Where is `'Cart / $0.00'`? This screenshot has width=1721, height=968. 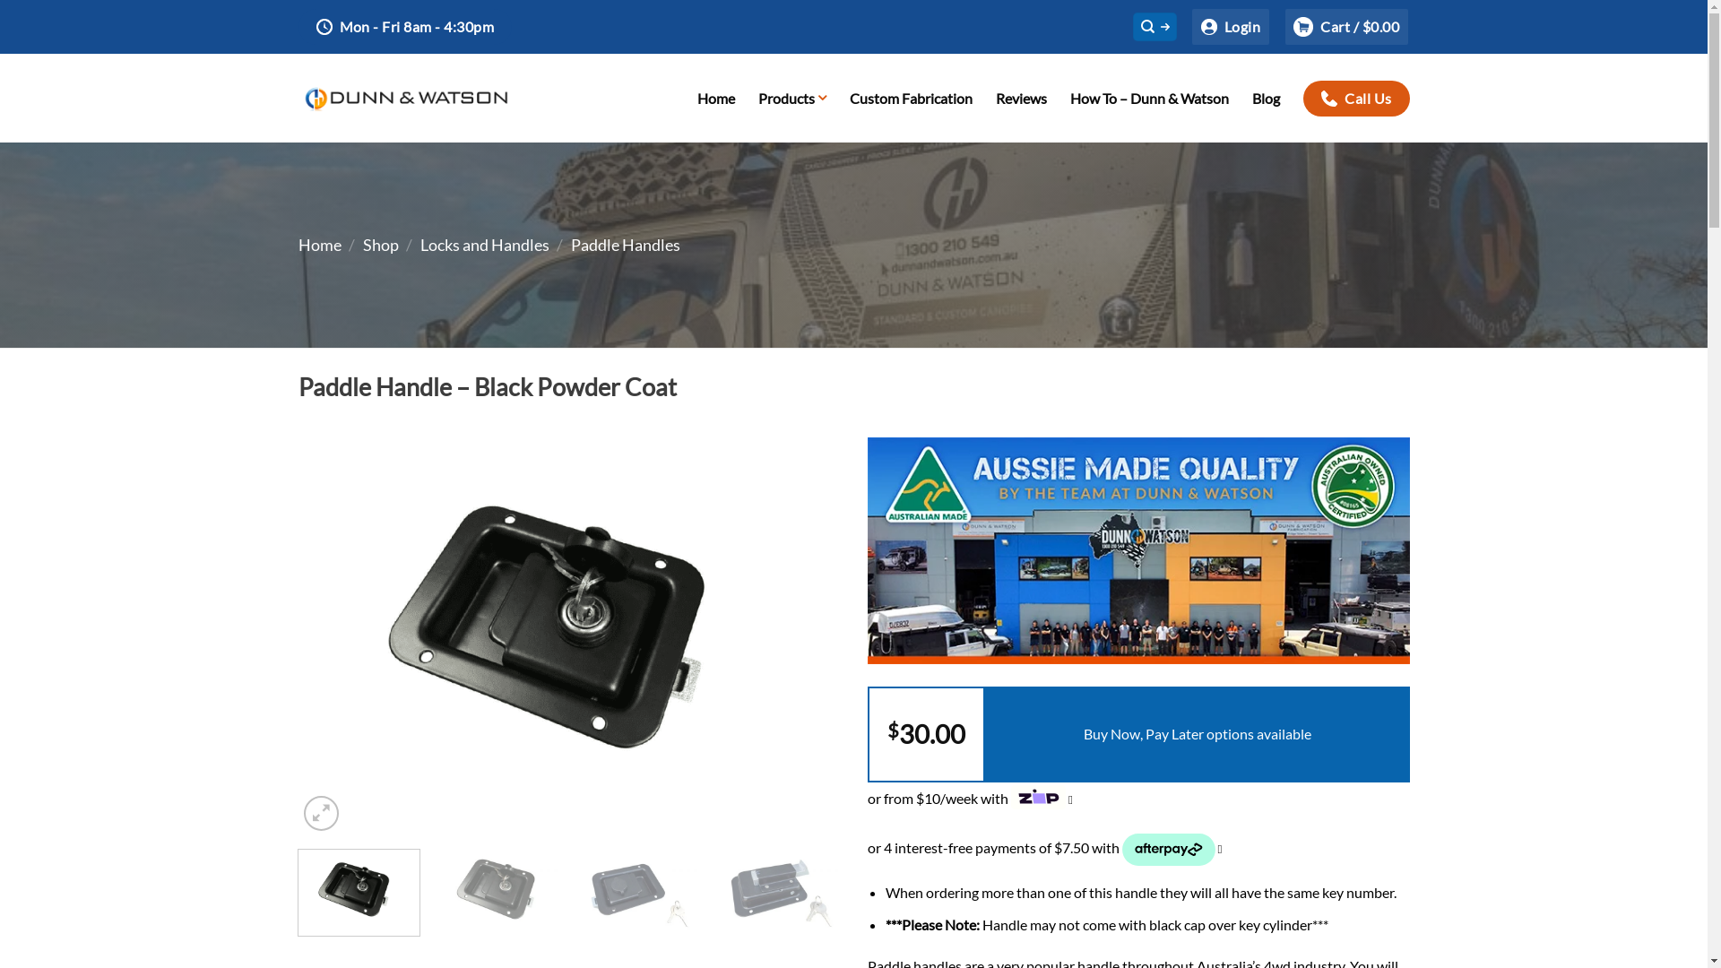
'Cart / $0.00' is located at coordinates (1346, 27).